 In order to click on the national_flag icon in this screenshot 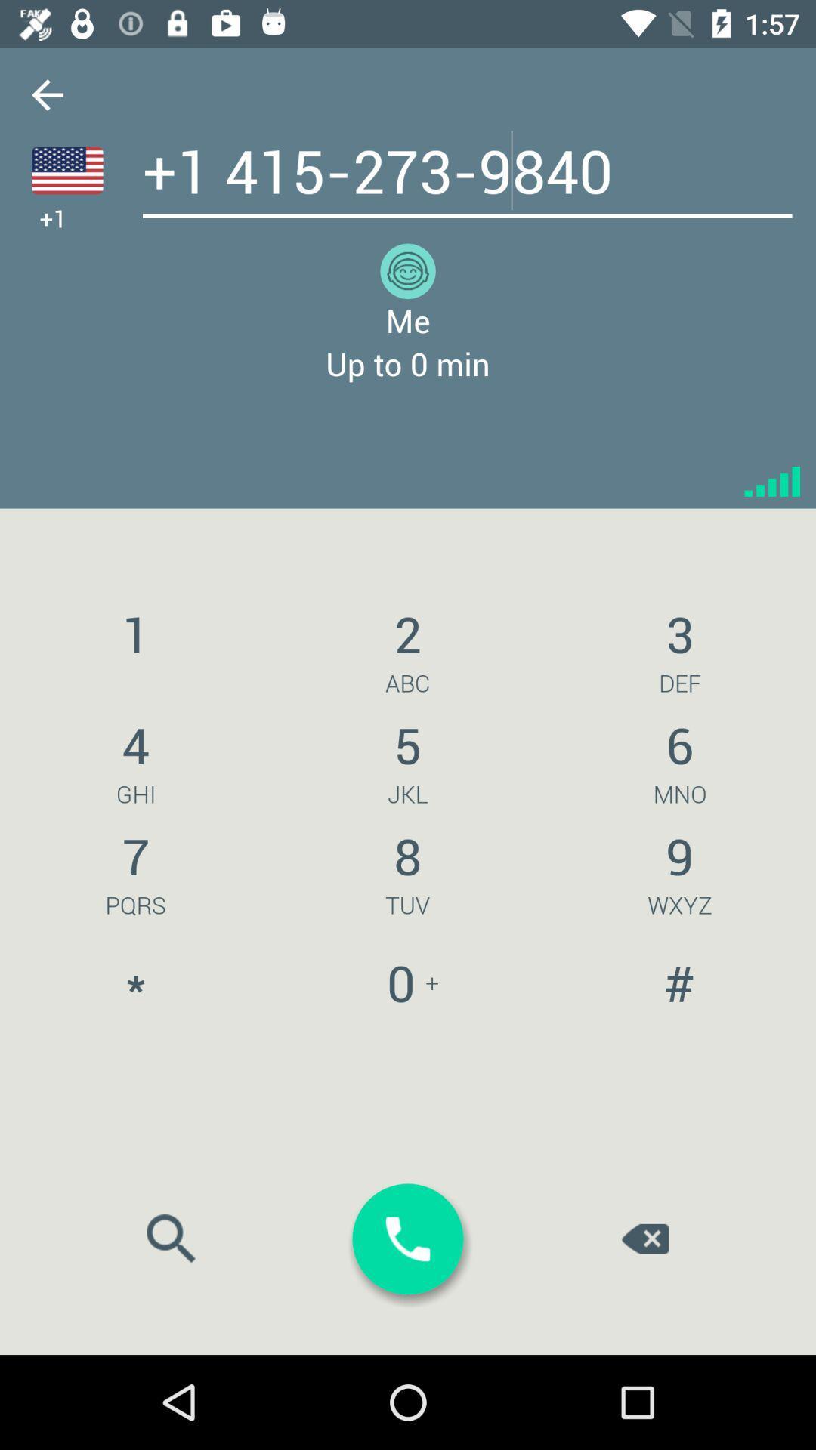, I will do `click(66, 170)`.